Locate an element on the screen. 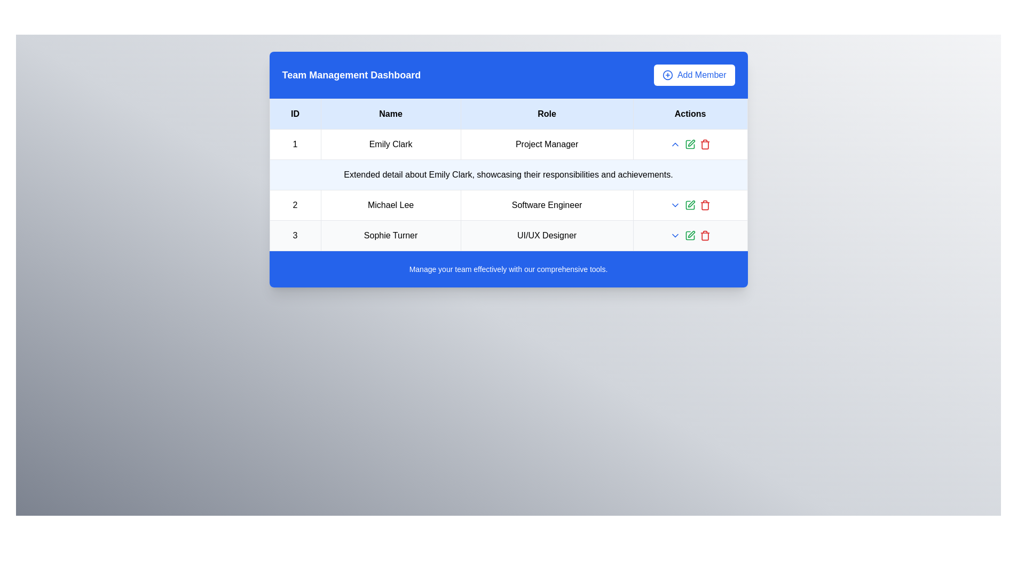  the text label displaying 'Software Engineer', located in the second row and third column under the 'Role' header, aligned with the row for 'Michael Lee' is located at coordinates (547, 205).